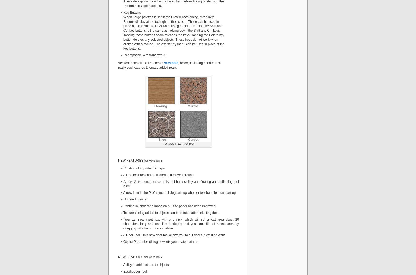 This screenshot has height=275, width=416. What do you see at coordinates (140, 257) in the screenshot?
I see `'NEW FEATURES for Version 7:'` at bounding box center [140, 257].